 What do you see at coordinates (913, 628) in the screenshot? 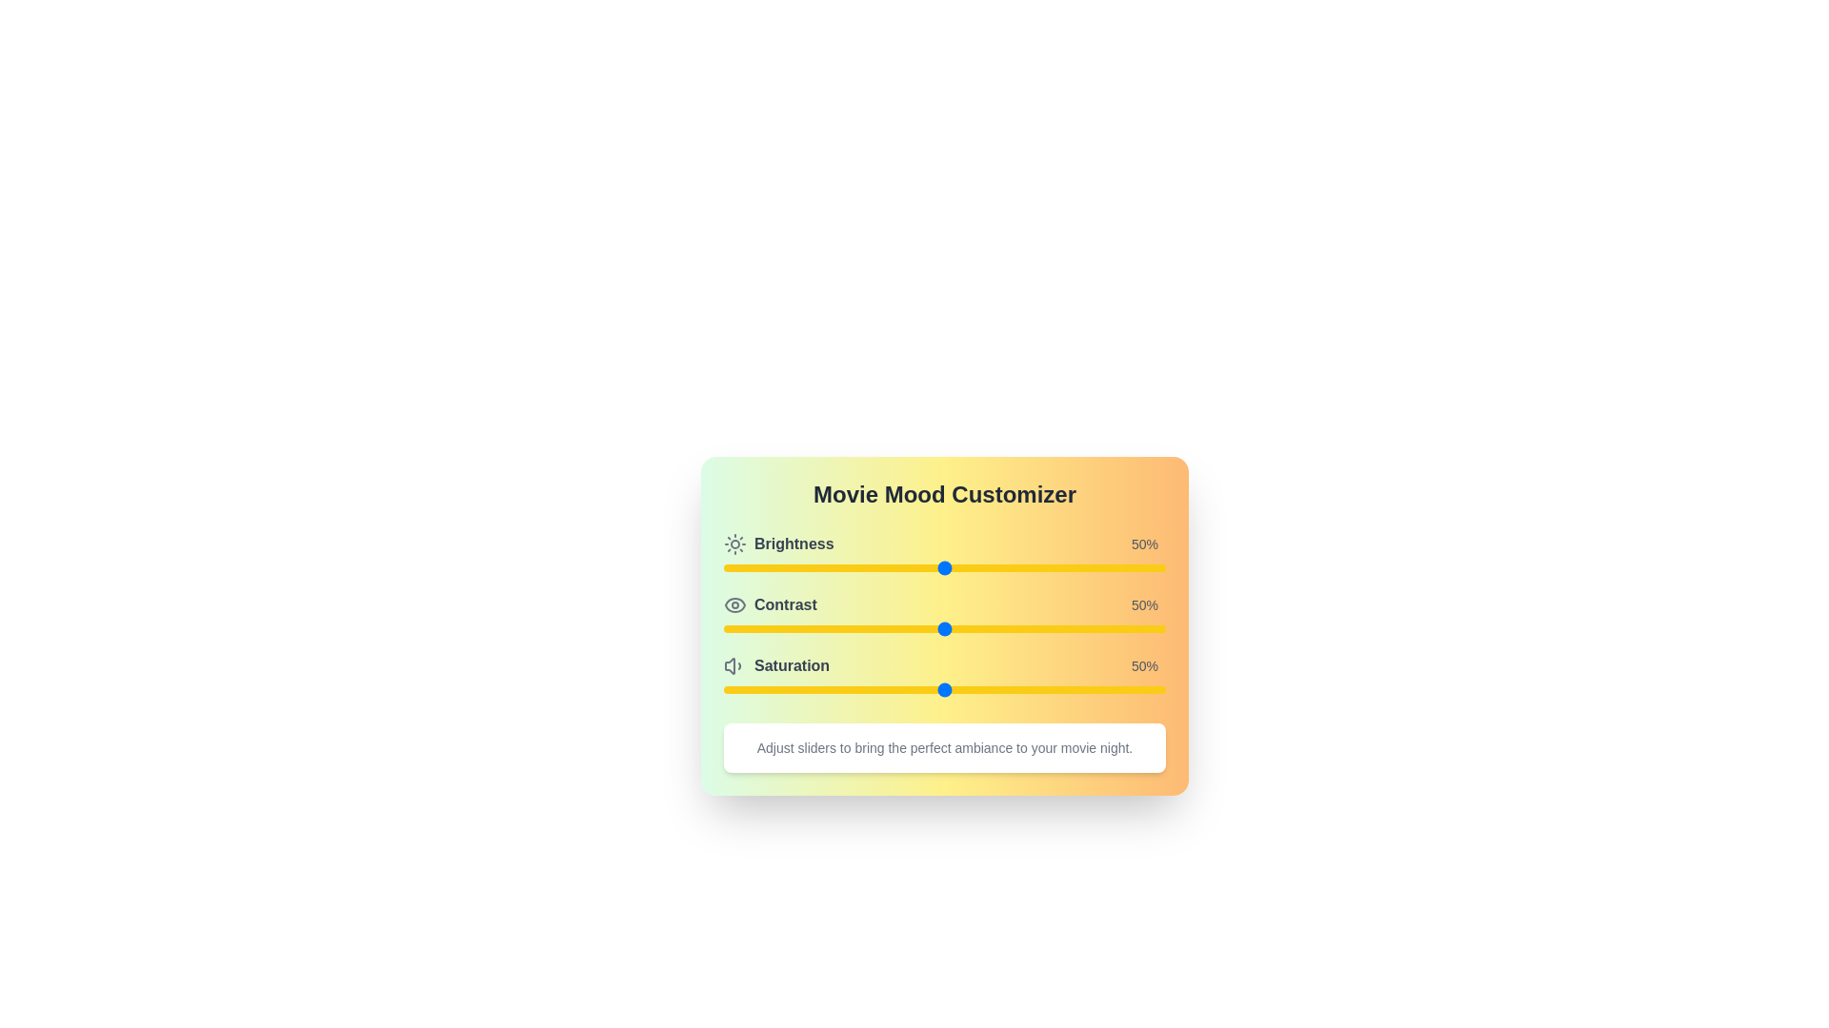
I see `the contrast level` at bounding box center [913, 628].